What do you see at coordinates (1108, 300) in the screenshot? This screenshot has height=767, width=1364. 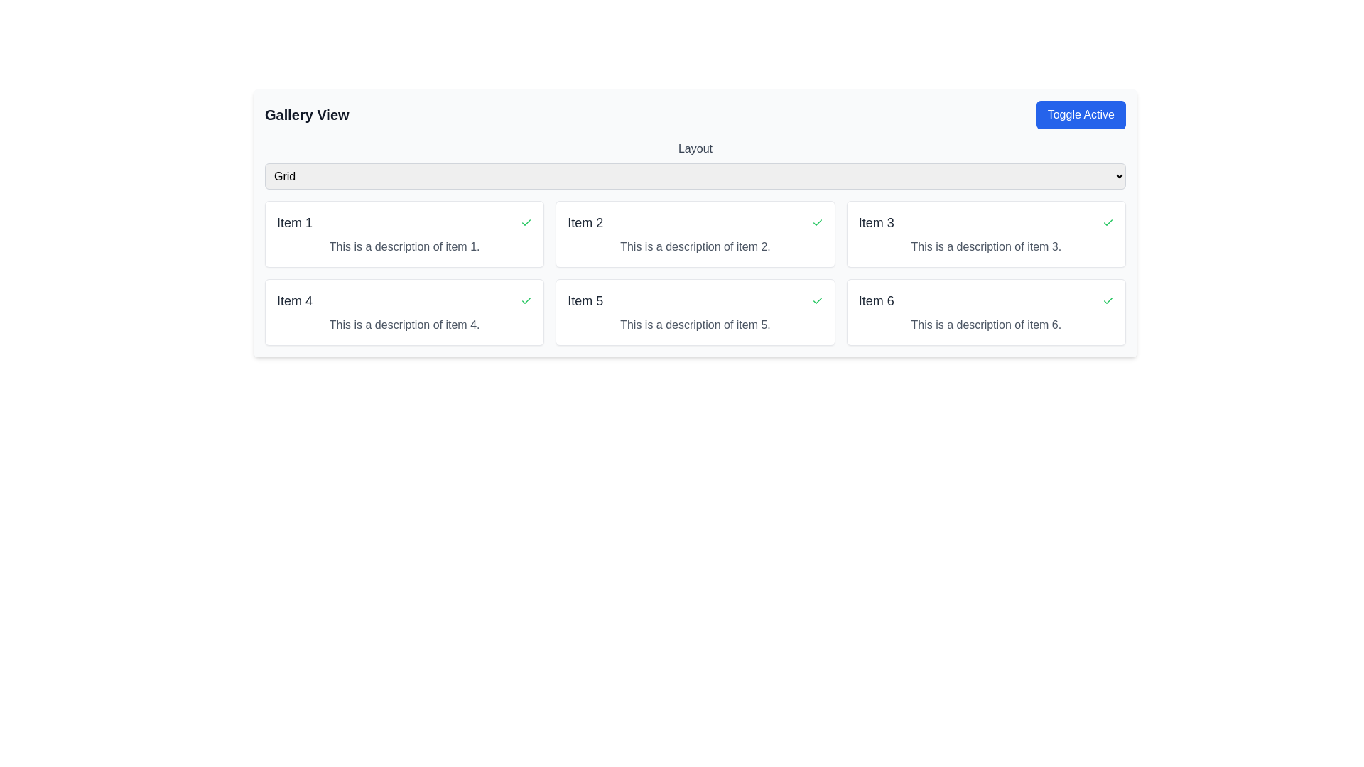 I see `the green checkmark icon located to the right of the text 'Item 6' within the card labeled 'Item 6'` at bounding box center [1108, 300].